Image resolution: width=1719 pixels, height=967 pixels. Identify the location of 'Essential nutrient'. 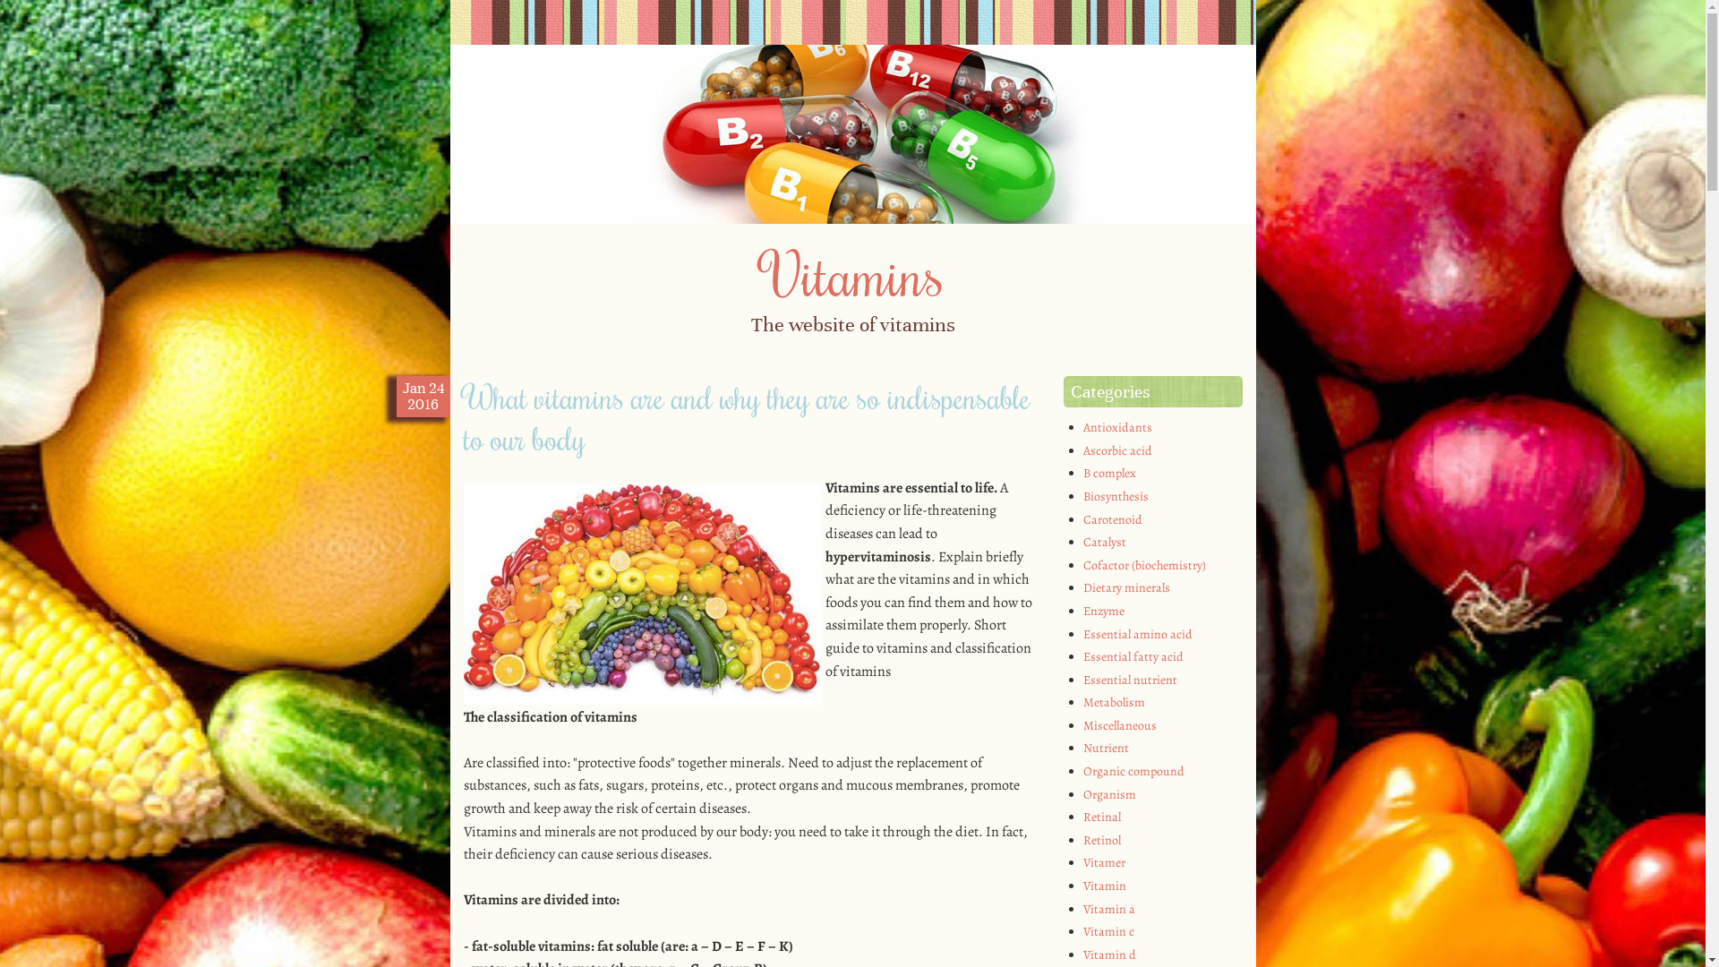
(1129, 680).